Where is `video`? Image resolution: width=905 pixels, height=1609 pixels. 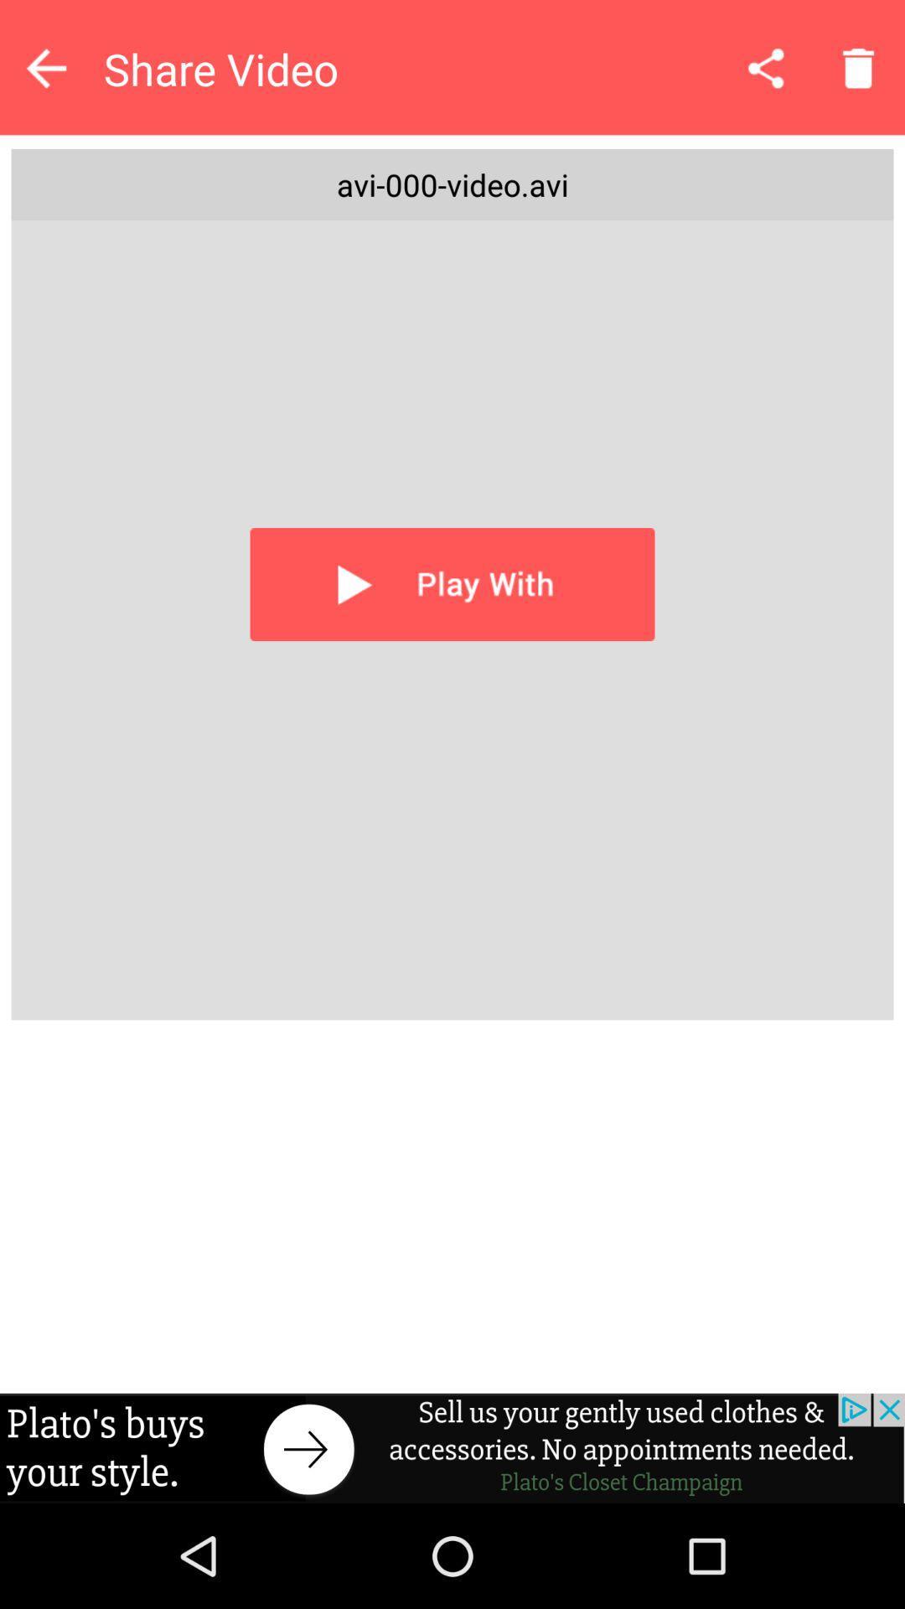 video is located at coordinates (452, 584).